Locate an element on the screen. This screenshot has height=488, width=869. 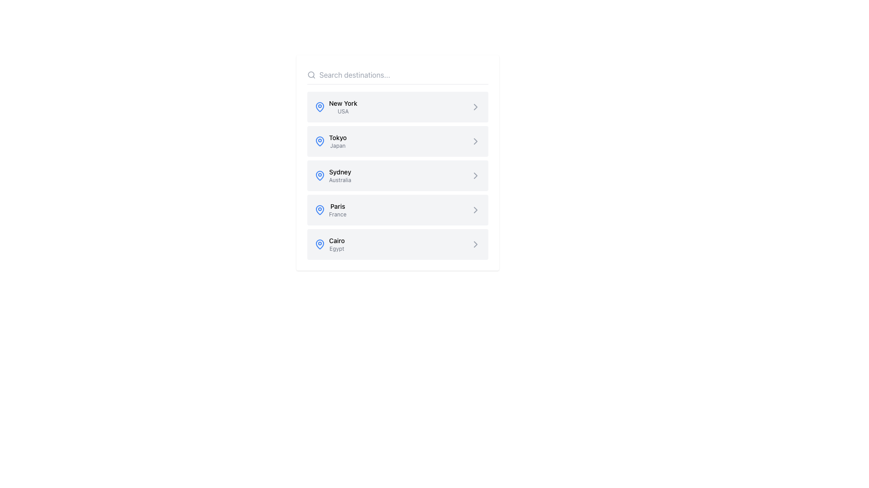
the text label that serves as the primary title of a travel destination, located above the text 'Egypt' and to the right of a blue location icon is located at coordinates (336, 240).